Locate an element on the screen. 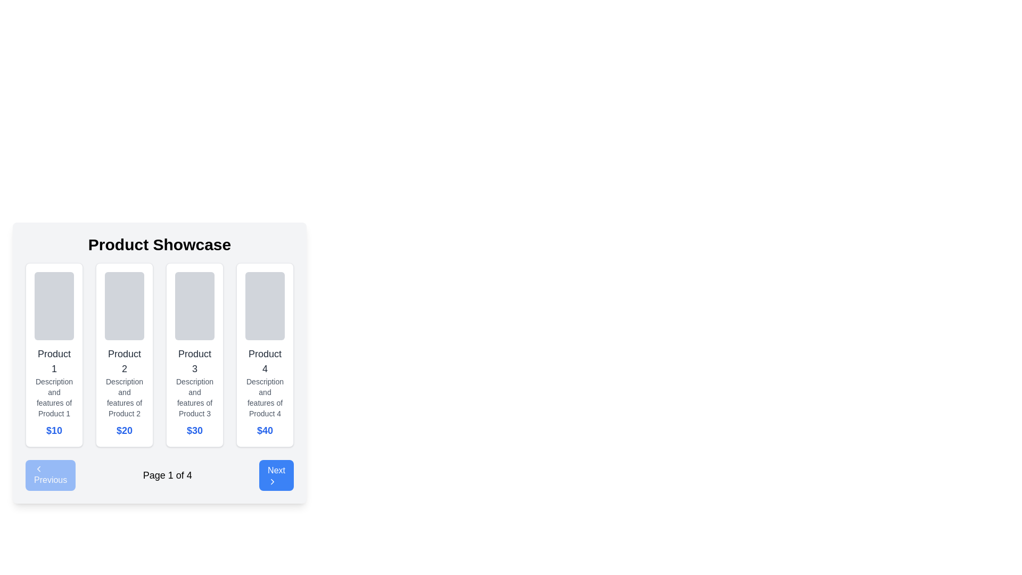 The height and width of the screenshot is (575, 1022). the image placeholder for 'Product 3', which is a vertically rectangular element with a gray background and rounded corners located at the top of the card within a grid of product cards is located at coordinates (194, 306).